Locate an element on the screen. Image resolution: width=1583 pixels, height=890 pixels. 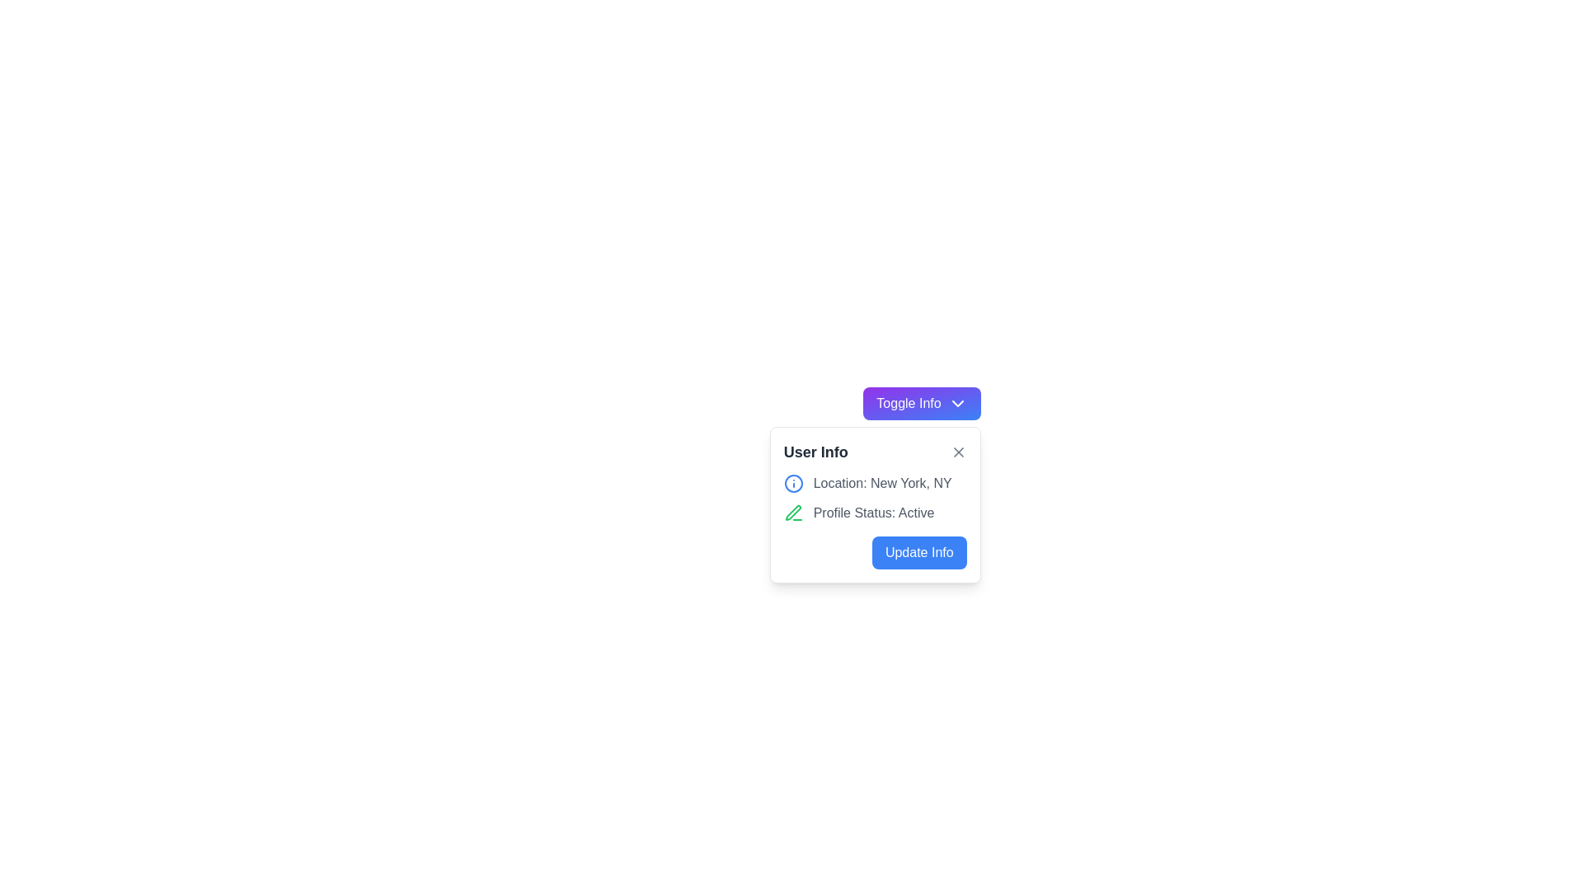
the circular SVG element representing the information icon, which is the largest circular component within the 24x24 icon located at the bottom right of the user information panel is located at coordinates (793, 482).